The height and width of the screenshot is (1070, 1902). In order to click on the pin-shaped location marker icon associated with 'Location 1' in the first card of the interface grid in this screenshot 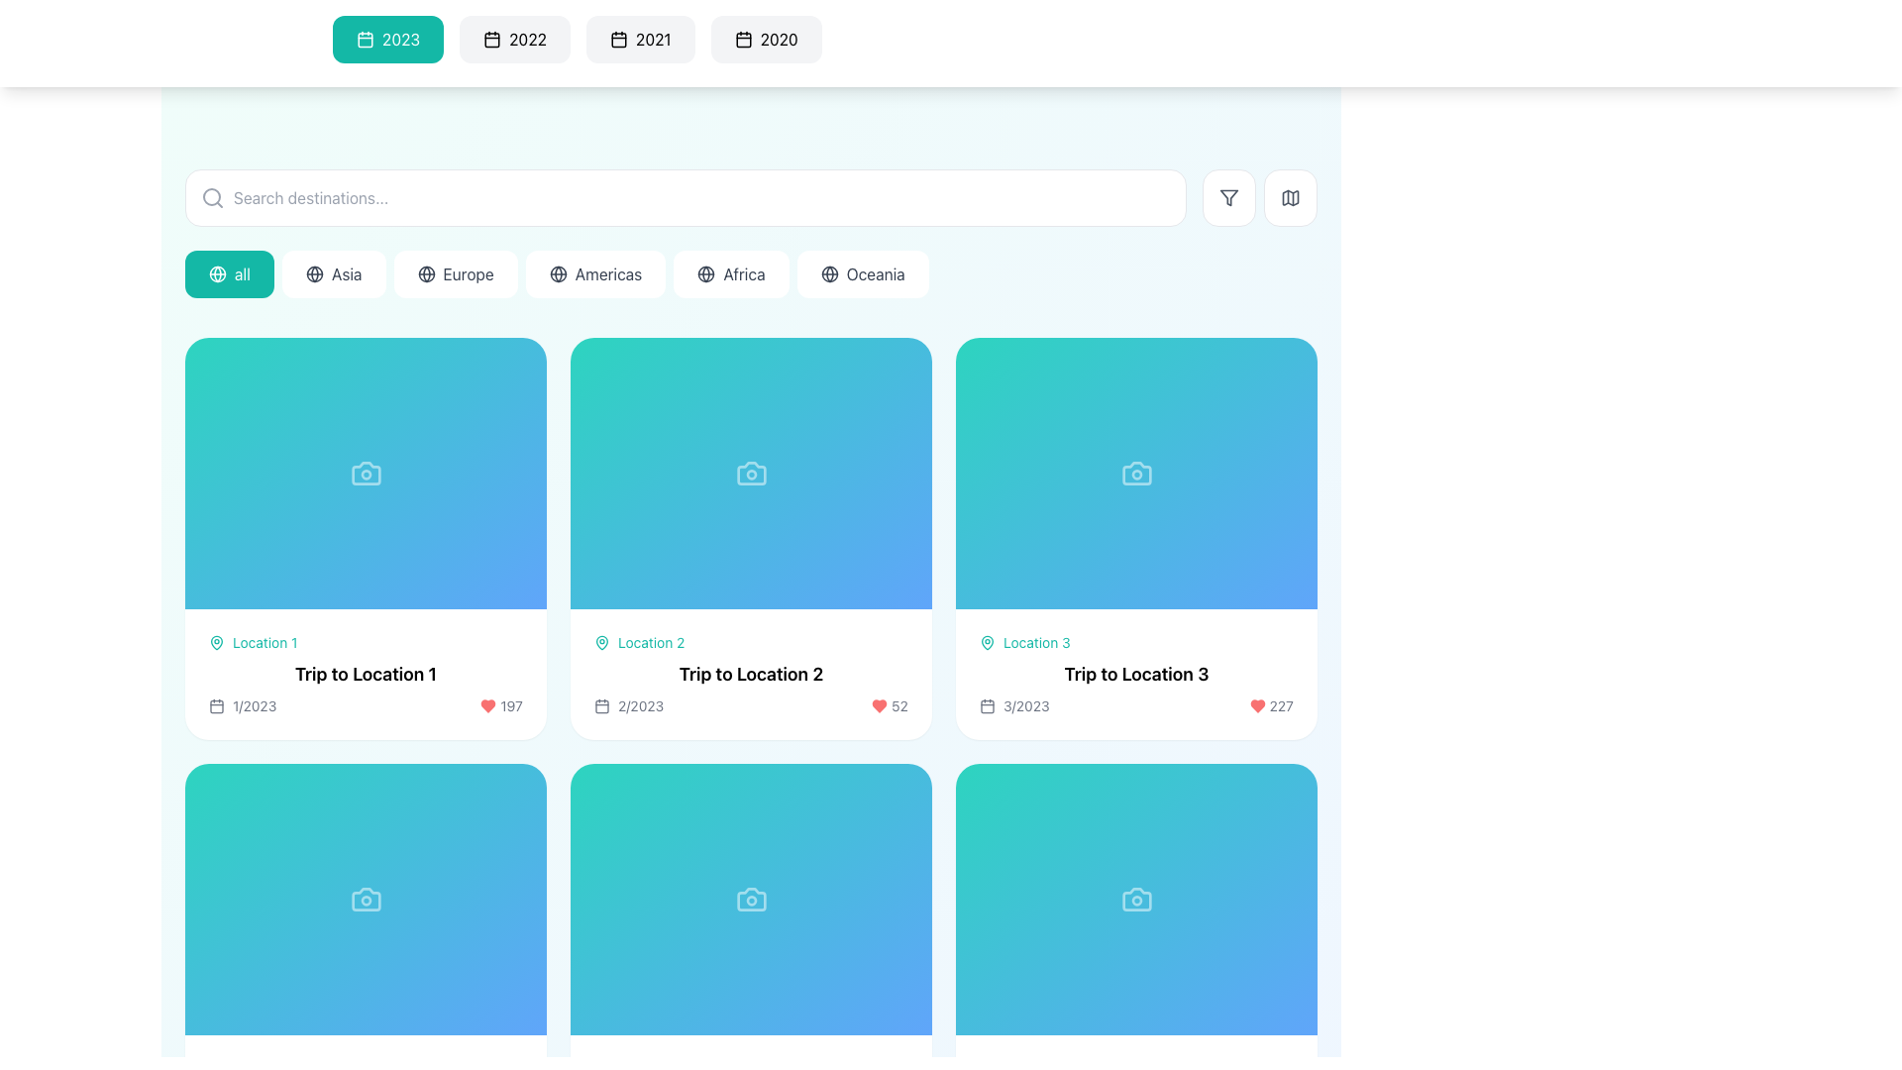, I will do `click(217, 642)`.